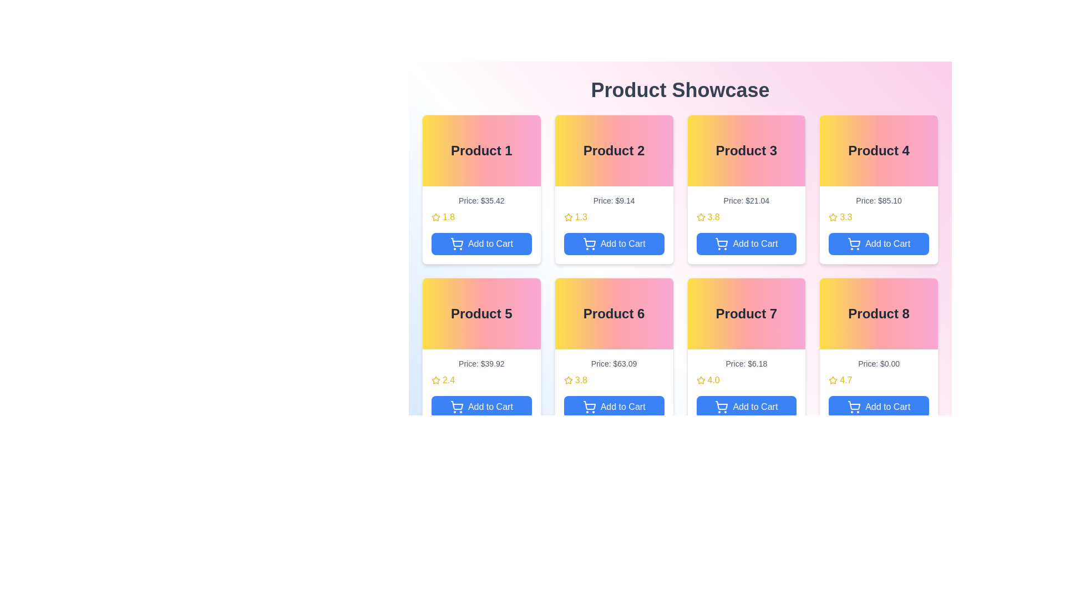 The image size is (1065, 599). I want to click on the text label displaying the product name located in the top-right corner of the first row of the product grid, which is above the product price and rating details, so click(878, 151).